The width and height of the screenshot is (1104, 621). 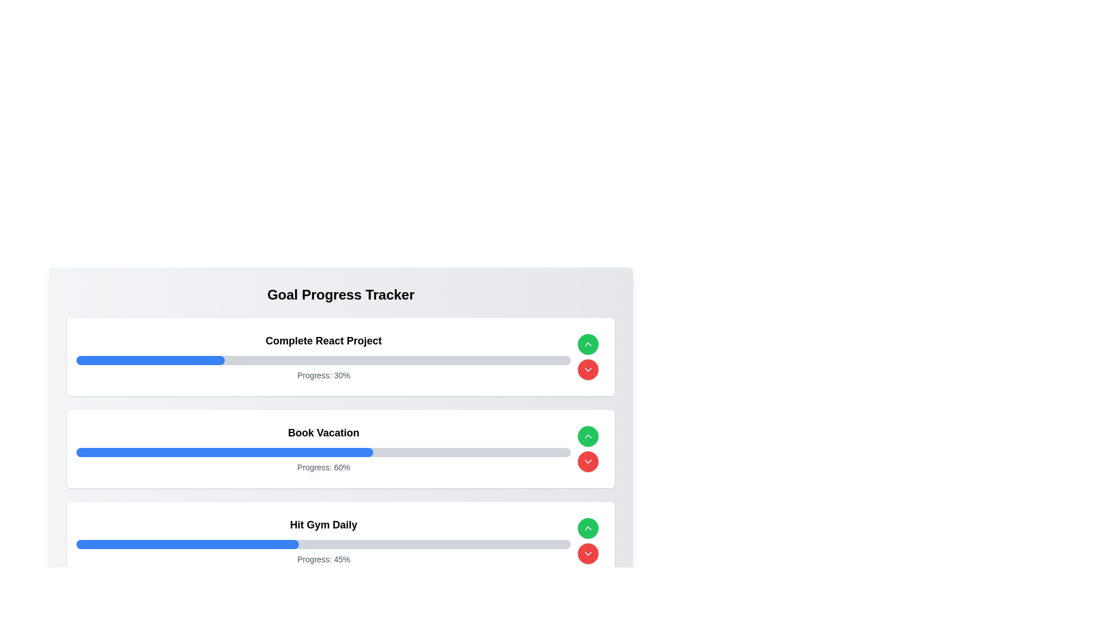 I want to click on the red button with a downward-pointing chevron icon located in the bottom-right corner of the 'Hit Gym Daily' card, so click(x=588, y=541).